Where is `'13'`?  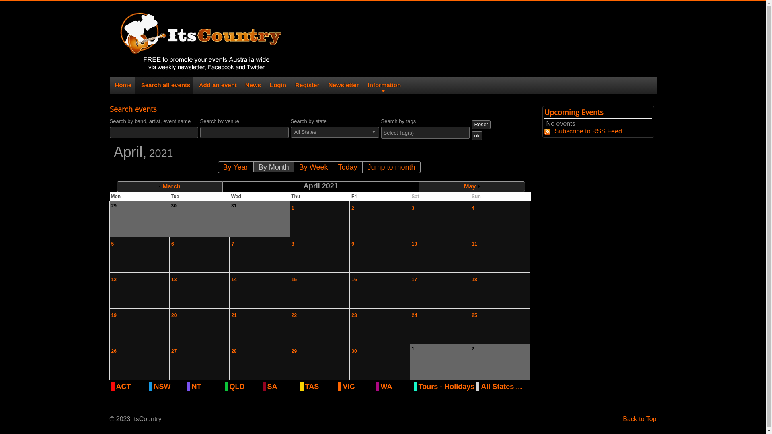 '13' is located at coordinates (173, 279).